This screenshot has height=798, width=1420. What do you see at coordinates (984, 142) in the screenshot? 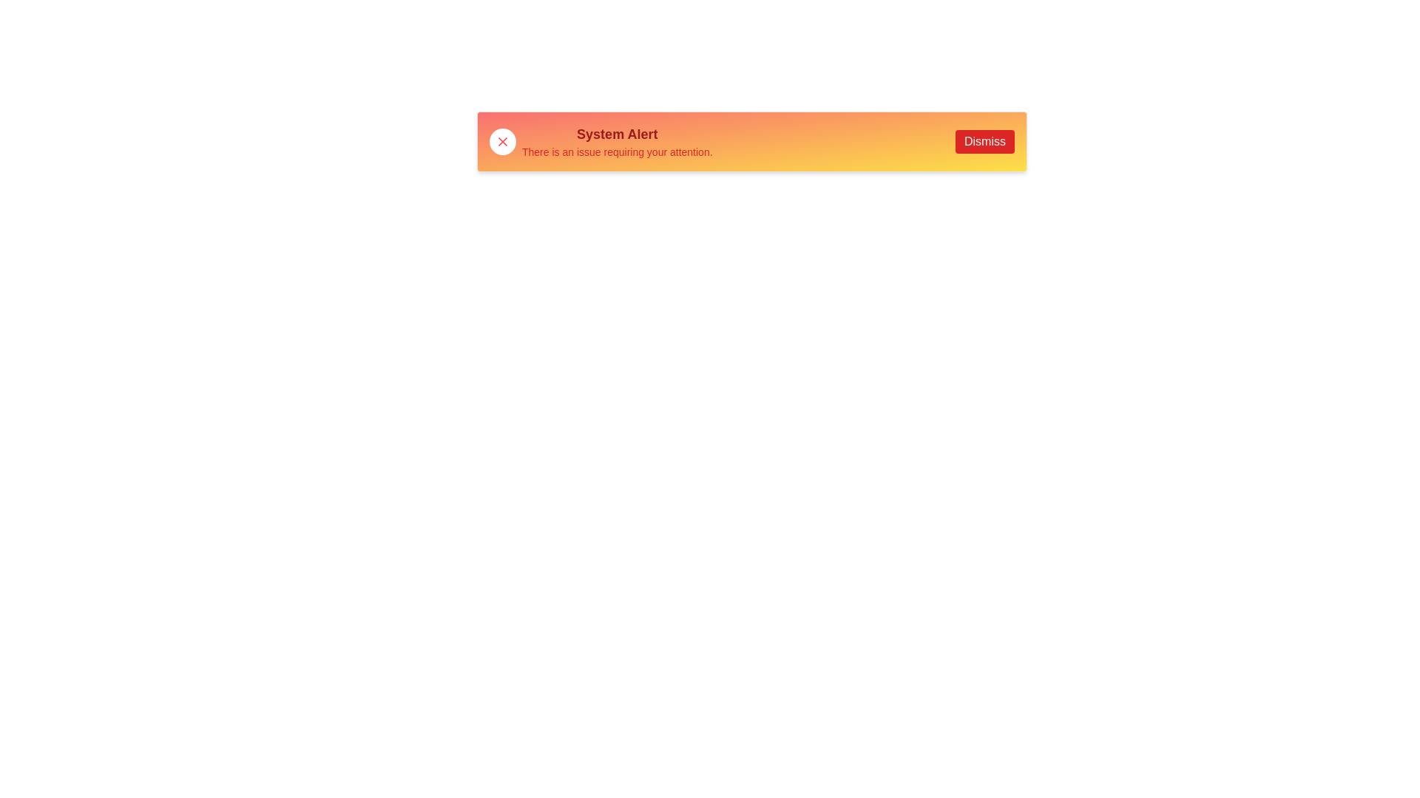
I see `the dismiss button located at the far-right end of the notification bar` at bounding box center [984, 142].